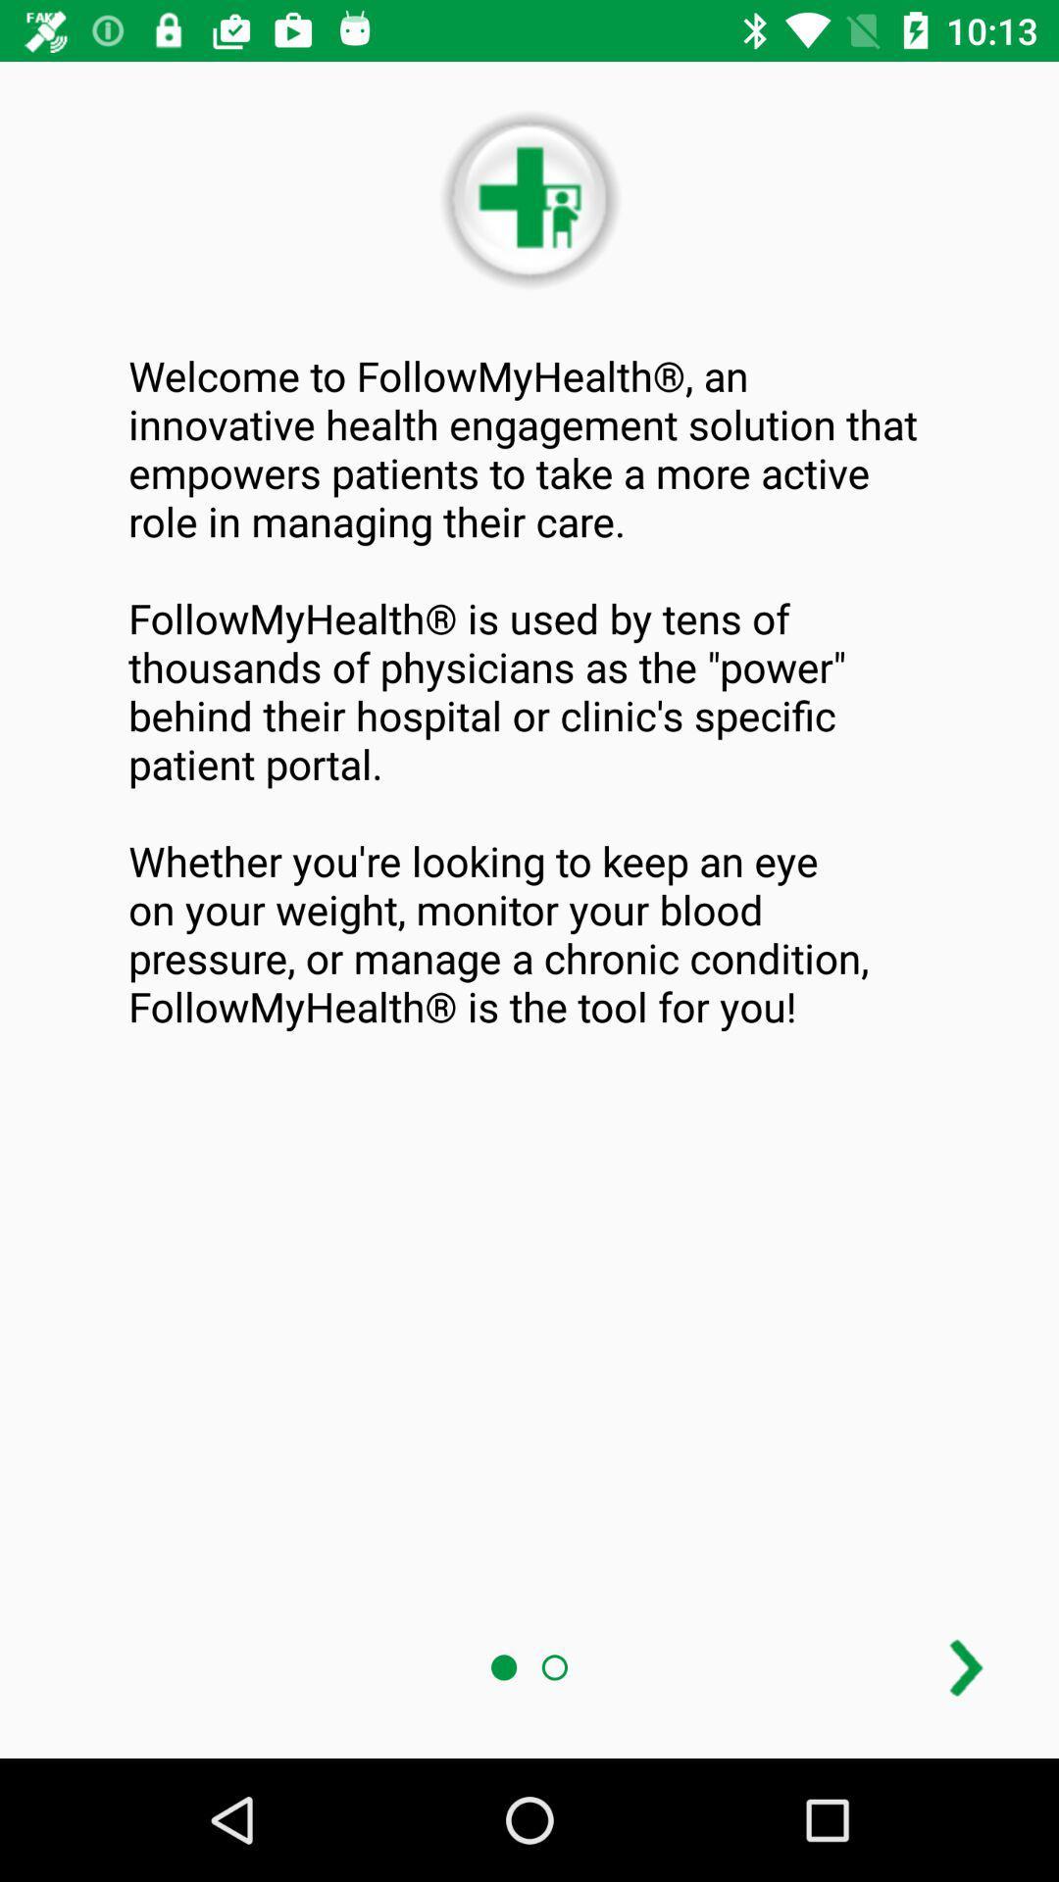 Image resolution: width=1059 pixels, height=1882 pixels. What do you see at coordinates (965, 1666) in the screenshot?
I see `advance page` at bounding box center [965, 1666].